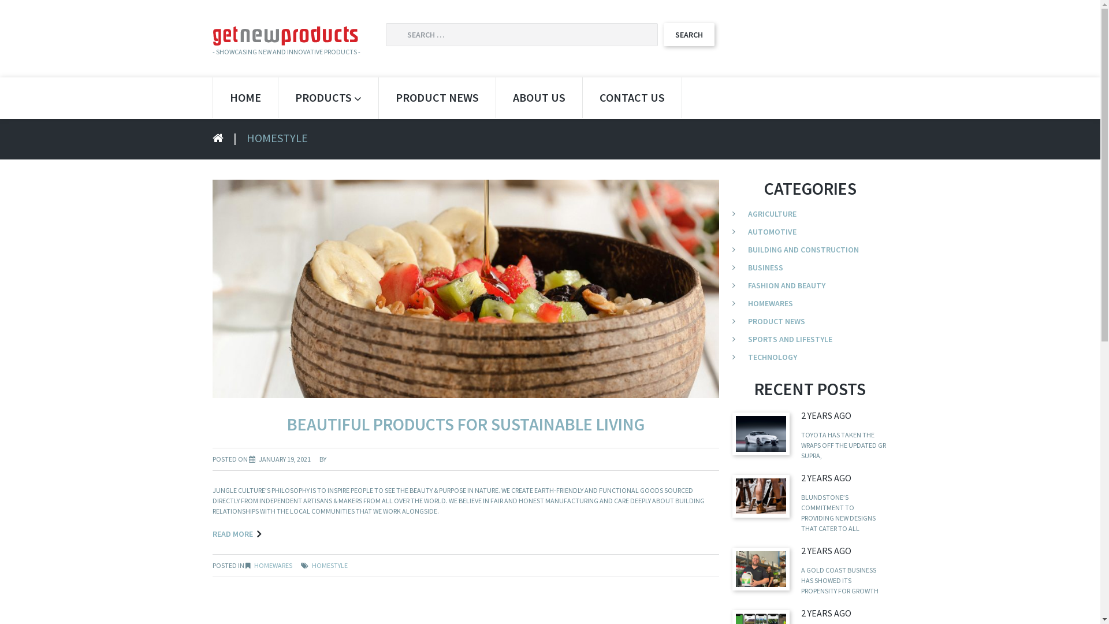 This screenshot has height=624, width=1109. What do you see at coordinates (328, 97) in the screenshot?
I see `'PRODUCTS'` at bounding box center [328, 97].